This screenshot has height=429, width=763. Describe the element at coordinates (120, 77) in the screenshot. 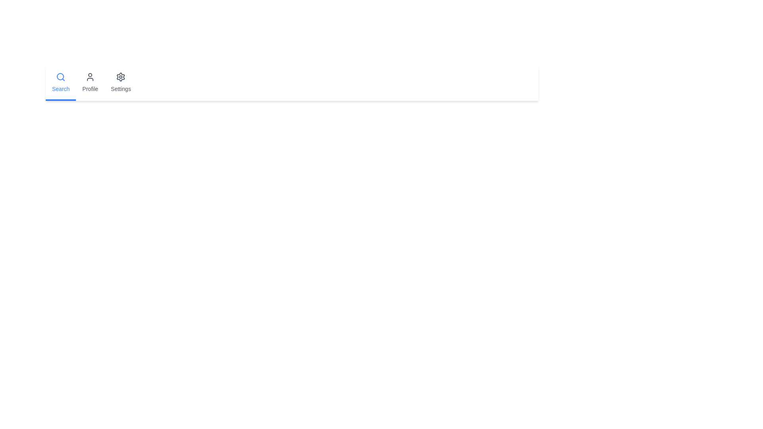

I see `the gear icon associated with settings, which features a cogwheel design and is located in the header between the Profile icon and the Settings label` at that location.